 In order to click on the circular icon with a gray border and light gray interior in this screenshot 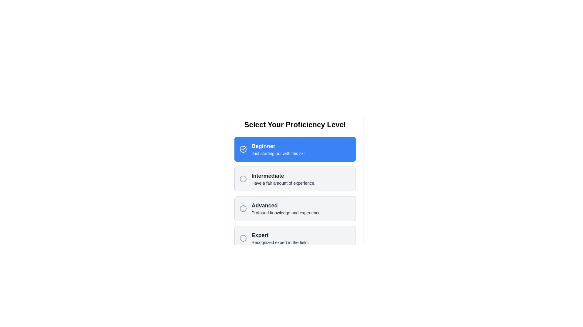, I will do `click(243, 238)`.